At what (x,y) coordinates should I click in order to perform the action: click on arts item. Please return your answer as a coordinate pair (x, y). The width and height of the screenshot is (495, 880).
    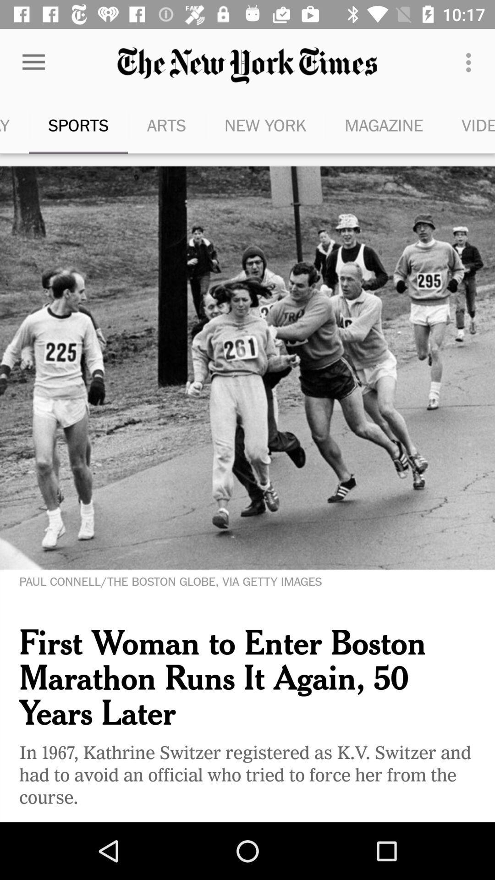
    Looking at the image, I should click on (166, 125).